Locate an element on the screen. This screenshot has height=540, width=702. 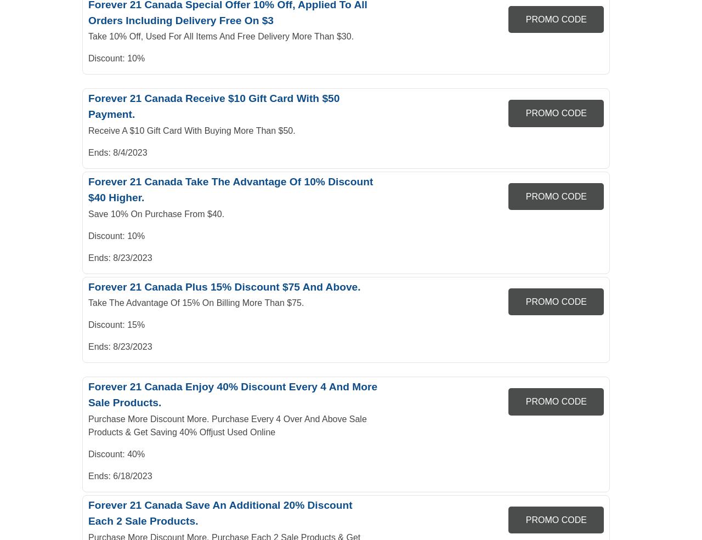
'Forever 21 Canada Save An Additional 20% Discount Each 2 Sale Products.' is located at coordinates (219, 512).